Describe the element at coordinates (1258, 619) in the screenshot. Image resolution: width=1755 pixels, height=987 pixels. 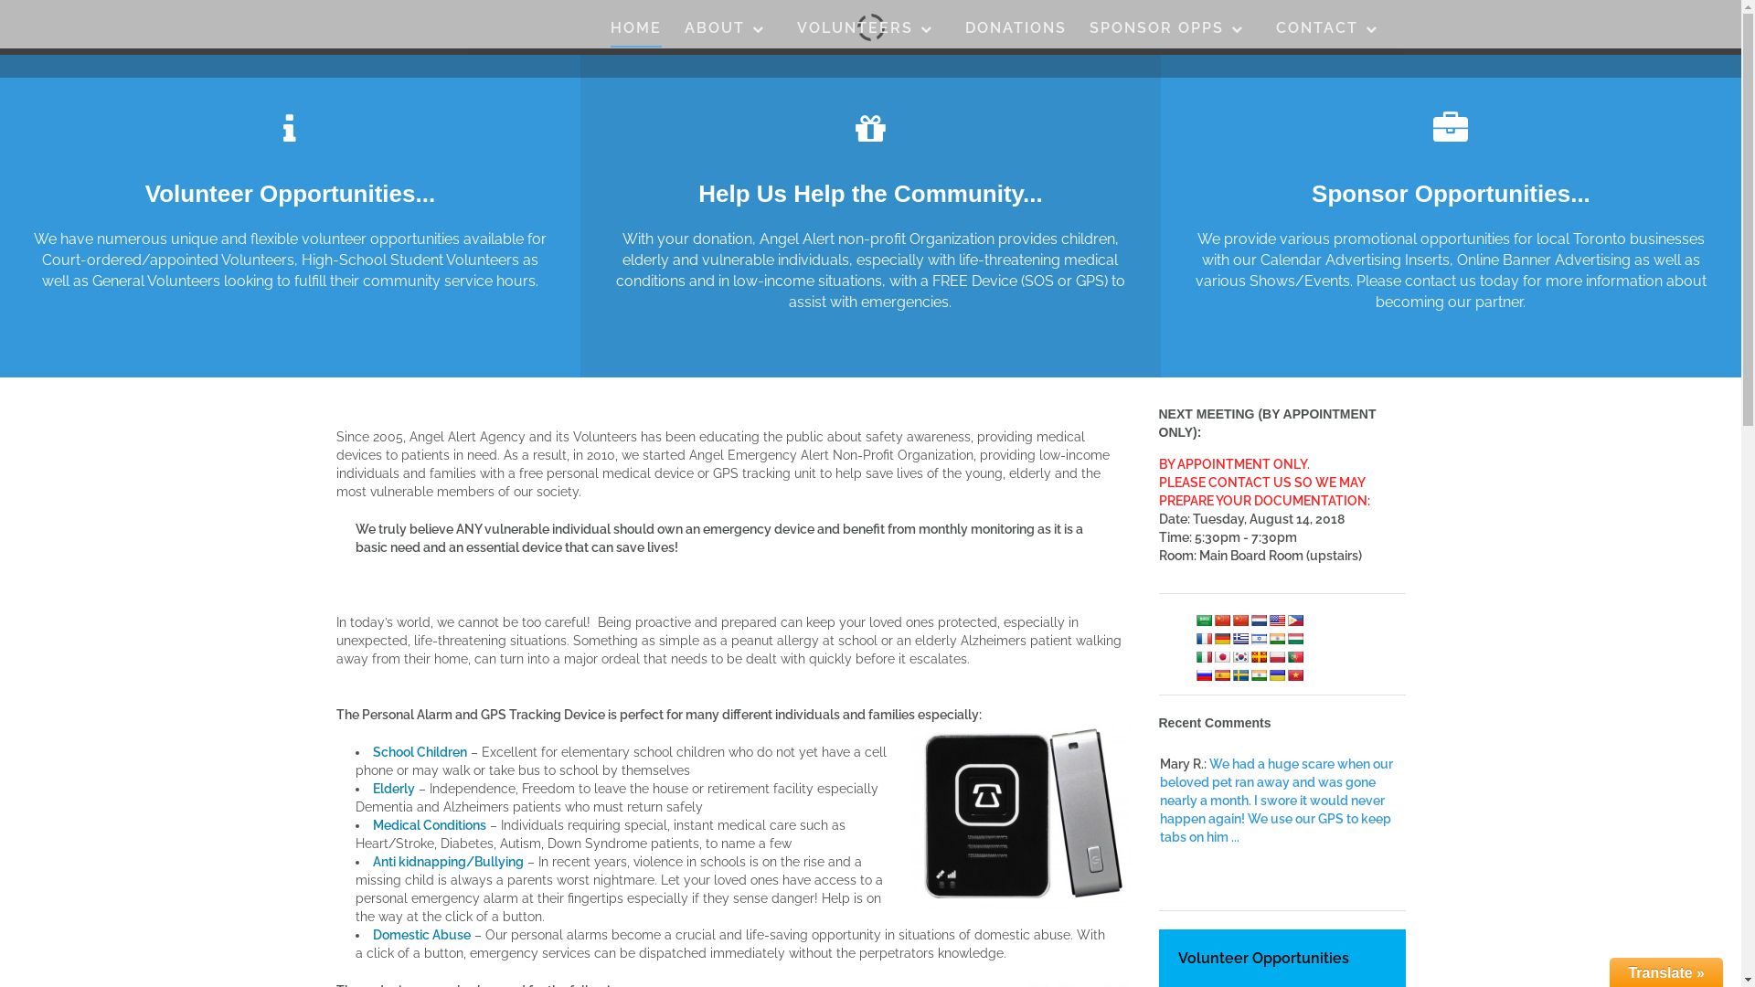
I see `'Dutch'` at that location.